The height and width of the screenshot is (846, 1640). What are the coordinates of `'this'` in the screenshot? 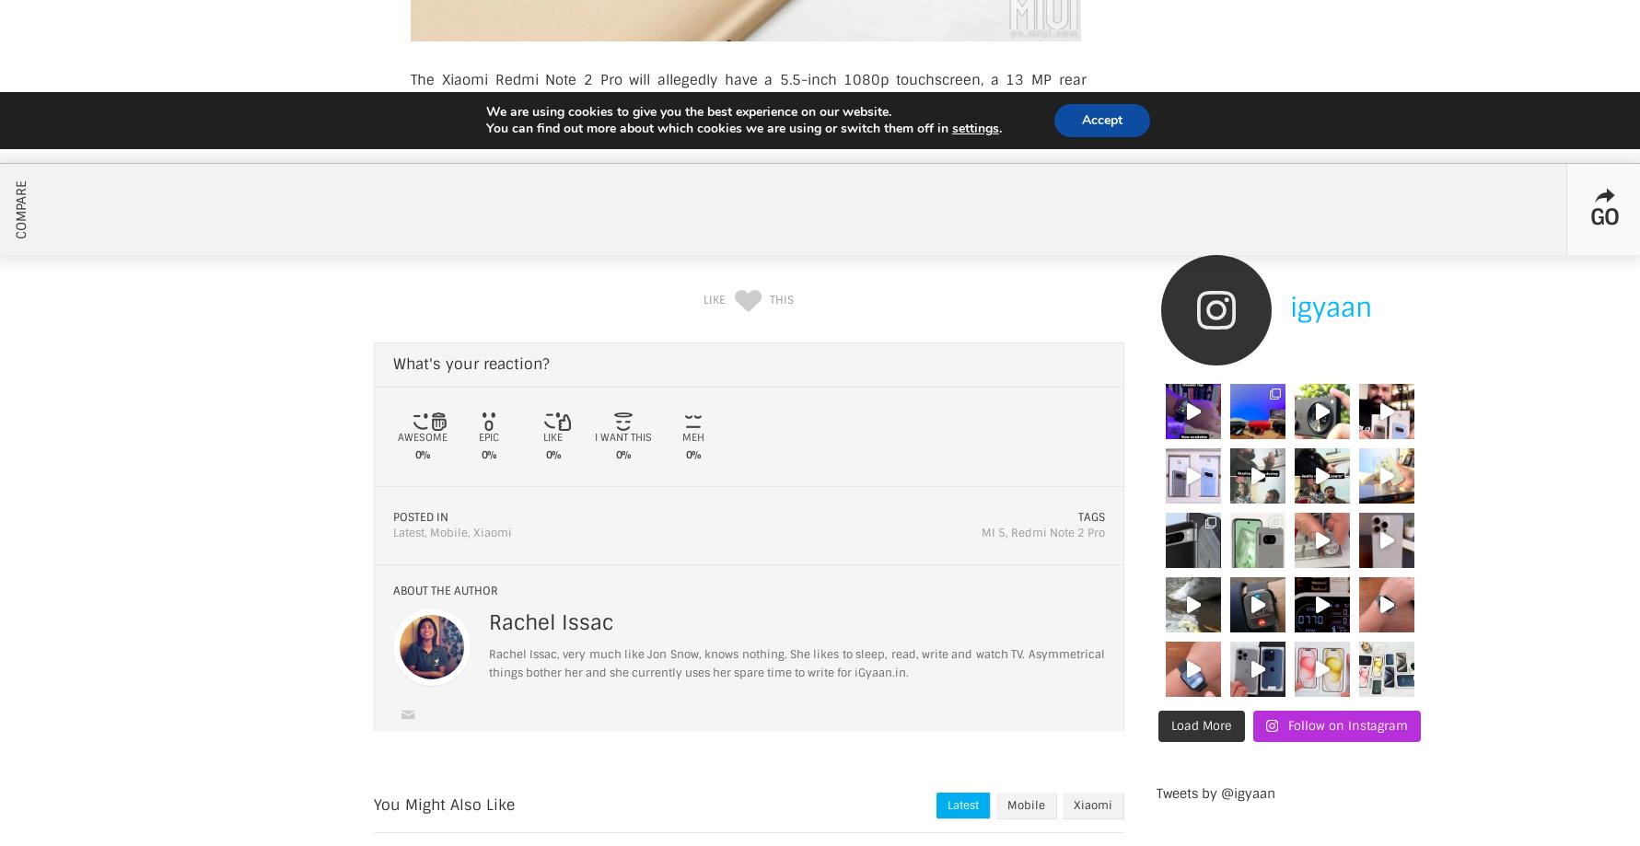 It's located at (780, 298).